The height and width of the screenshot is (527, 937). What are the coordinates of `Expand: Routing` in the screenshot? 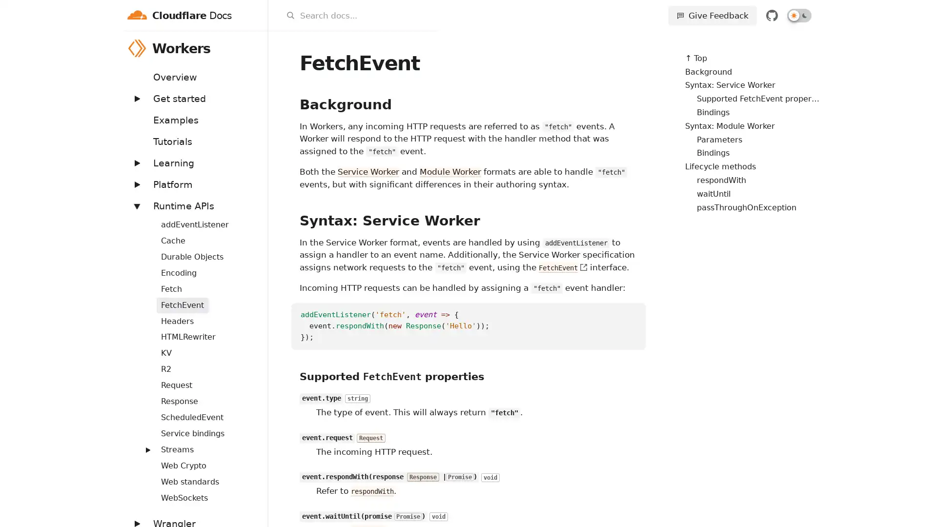 It's located at (142, 412).